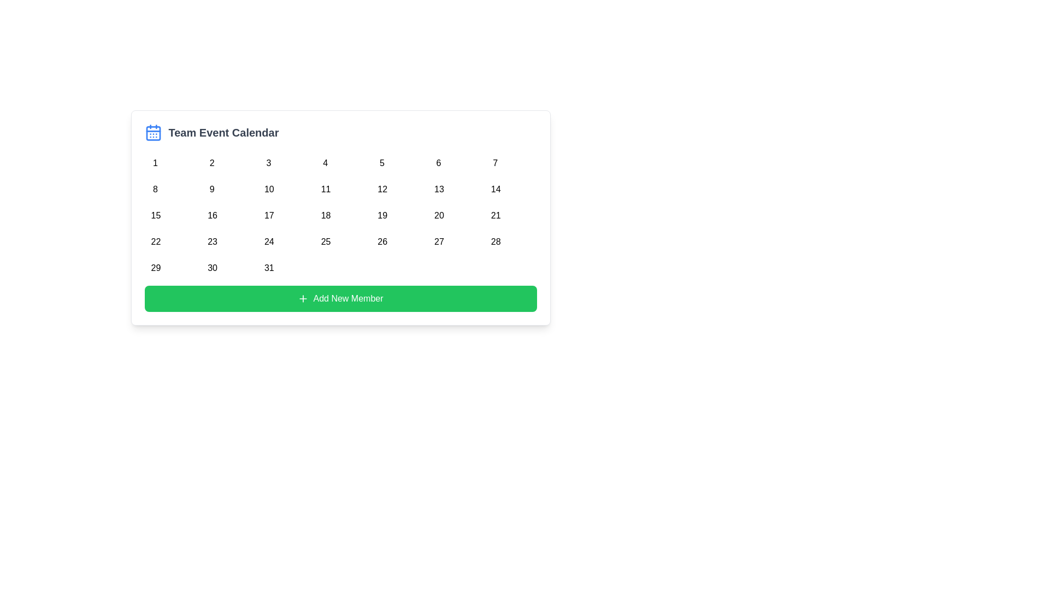  I want to click on the button representing the number '10', so click(268, 187).